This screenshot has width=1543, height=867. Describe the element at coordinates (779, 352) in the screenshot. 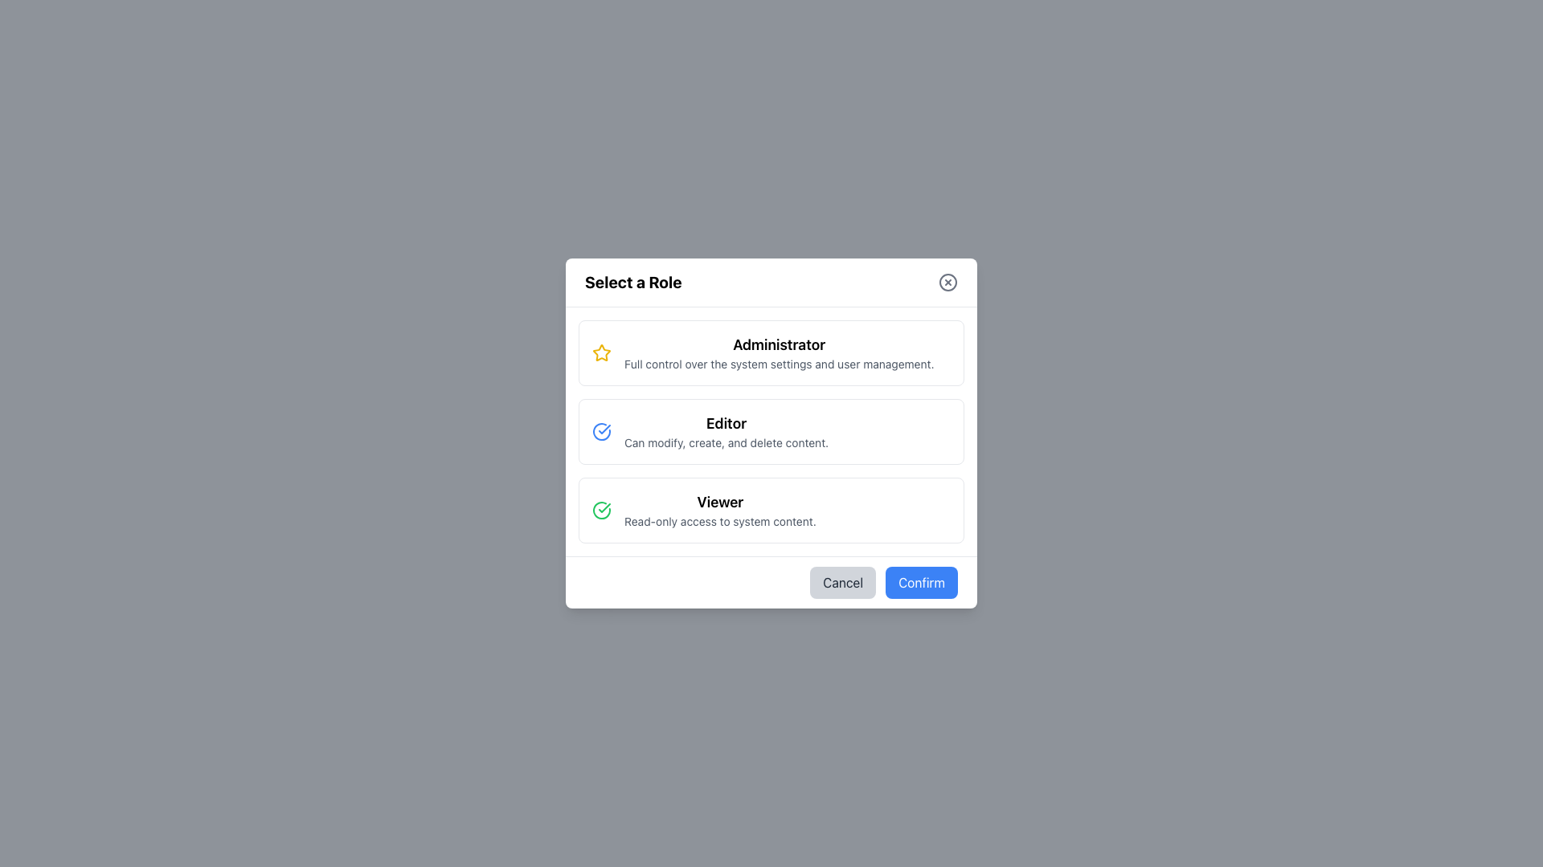

I see `the 'Administrator' role option text block within the selection dialog titled 'Select a Role'` at that location.